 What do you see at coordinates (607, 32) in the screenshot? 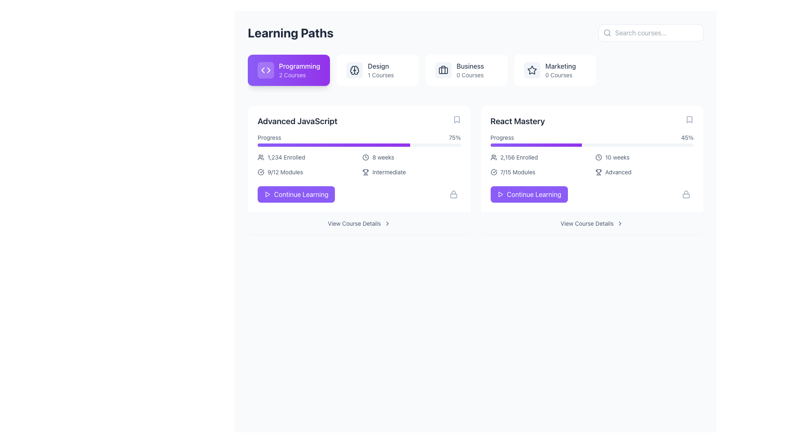
I see `the circular graphical decoration of the magnifying glass icon located in the upper-right corner of the interface, adjacent to the search bar` at bounding box center [607, 32].